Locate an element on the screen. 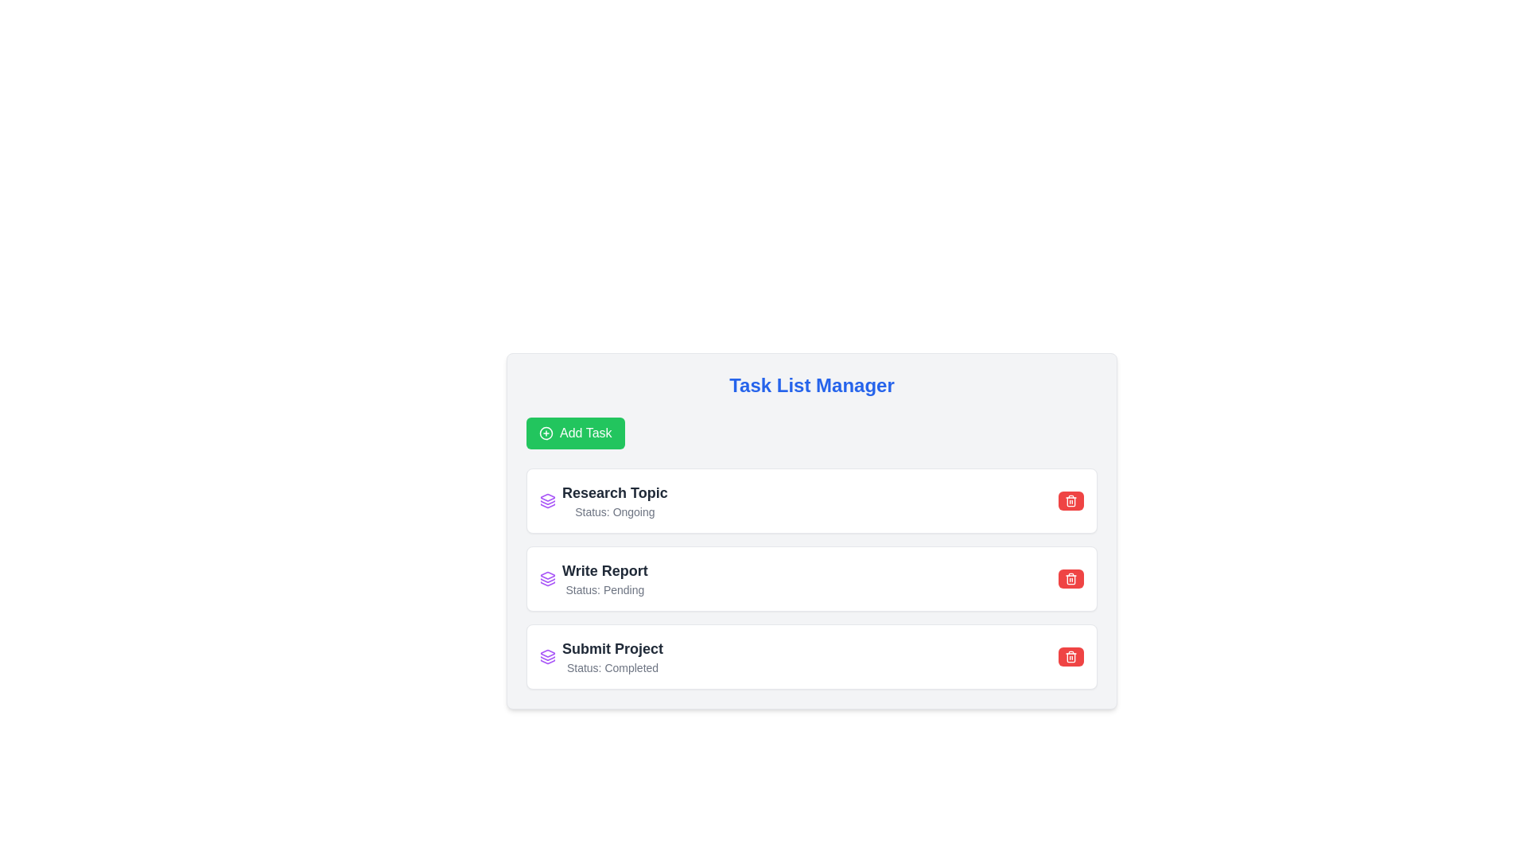 This screenshot has width=1527, height=859. the Text Display element that shows 'Research Topic' in bold and 'Status: Ongoing' in a lighter gray tone, located in the first row of the task list under the 'Task List Manager' header is located at coordinates (614, 499).